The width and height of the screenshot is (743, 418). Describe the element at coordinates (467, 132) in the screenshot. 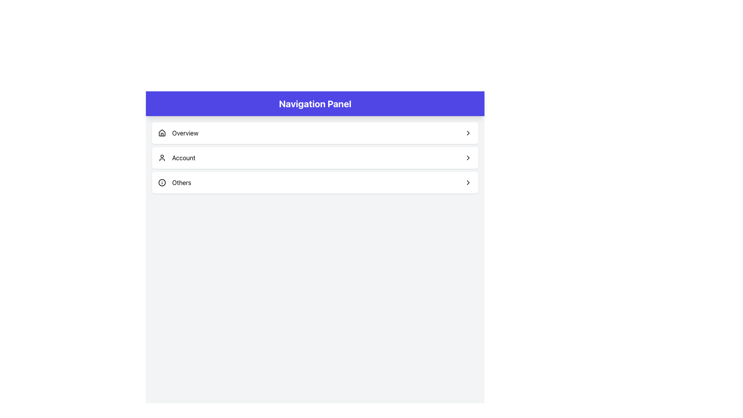

I see `the rightward-pointing chevron icon located at the far right end of the row labeled 'Overview'` at that location.